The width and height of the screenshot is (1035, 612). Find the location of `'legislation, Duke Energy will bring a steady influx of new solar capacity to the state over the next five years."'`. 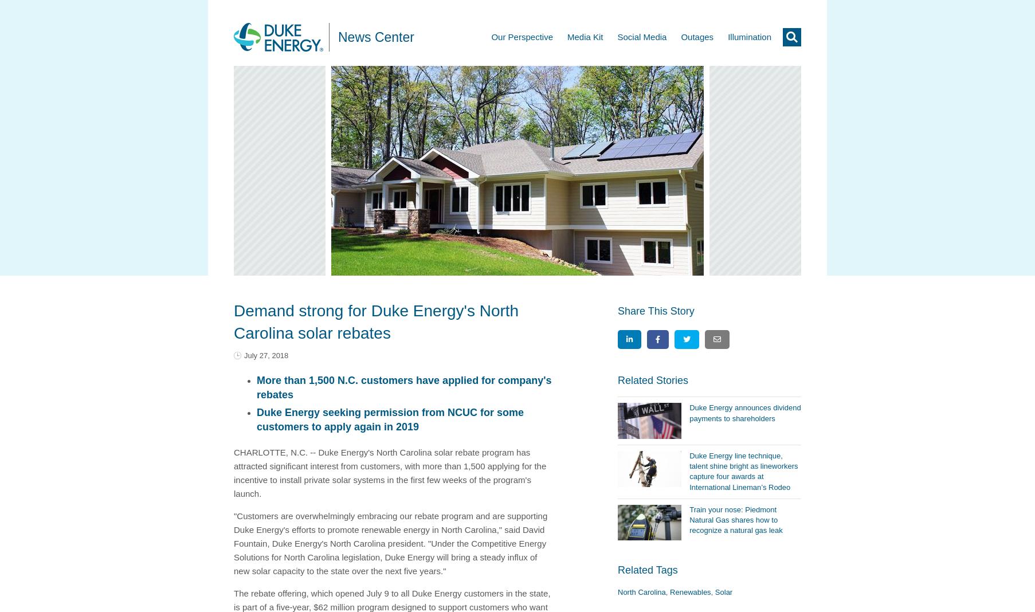

'legislation, Duke Energy will bring a steady influx of new solar capacity to the state over the next five years."' is located at coordinates (385, 563).